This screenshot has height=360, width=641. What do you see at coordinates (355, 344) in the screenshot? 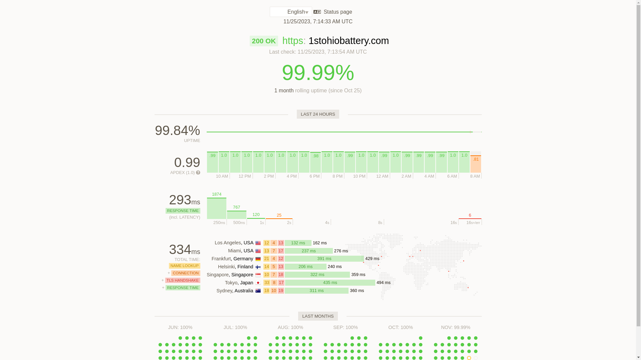
I see `'<small>Sep 09:</small> No downtime'` at bounding box center [355, 344].